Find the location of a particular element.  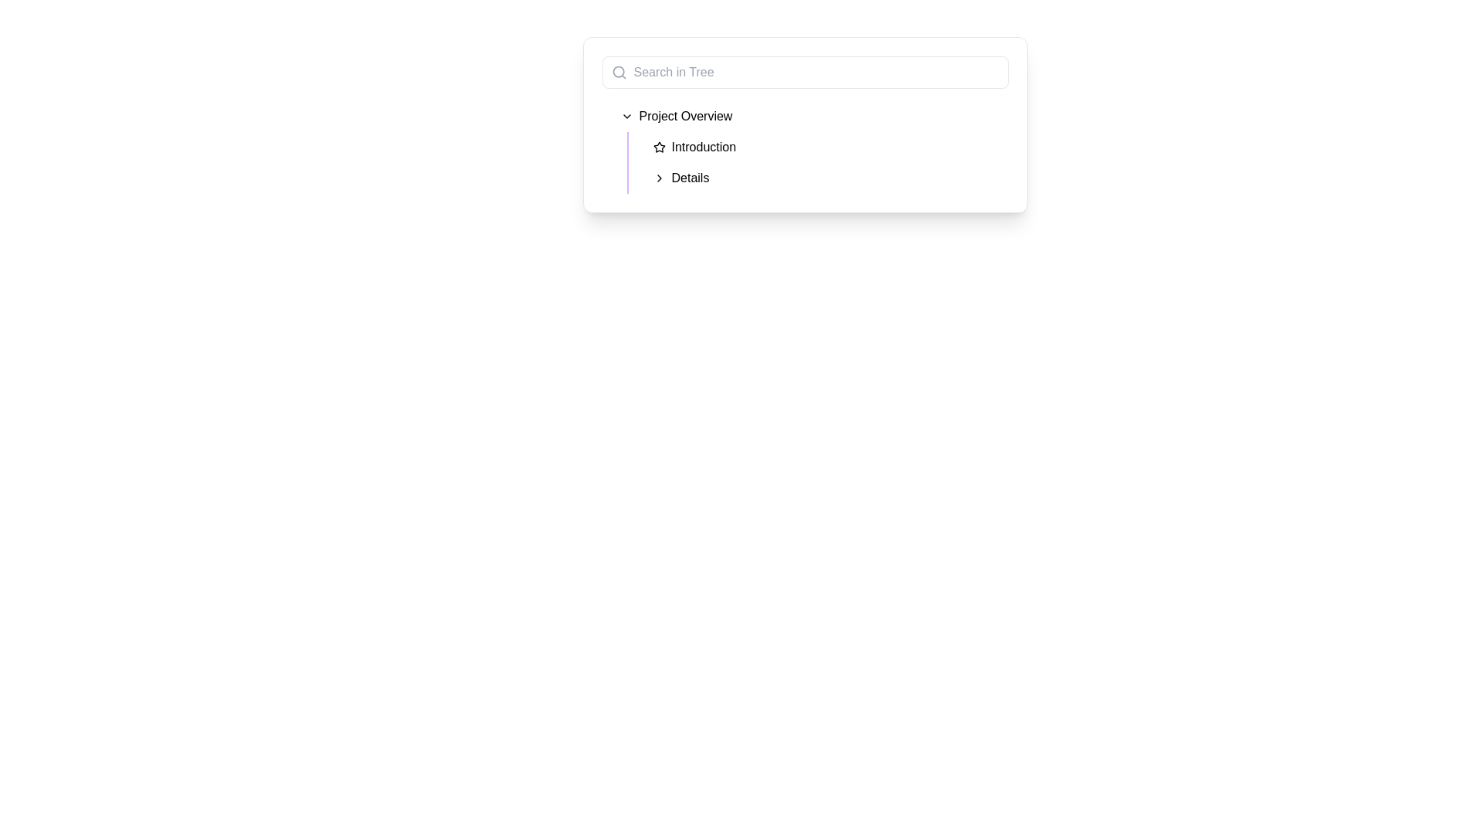

the search bar labeled 'Search in Tree' on the white card is located at coordinates (804, 124).